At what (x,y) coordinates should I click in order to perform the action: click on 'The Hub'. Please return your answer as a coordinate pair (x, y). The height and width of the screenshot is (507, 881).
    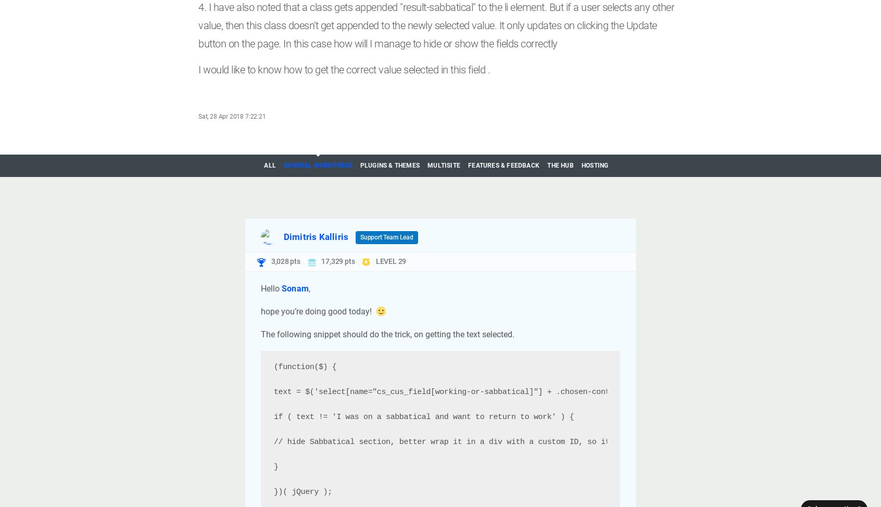
    Looking at the image, I should click on (560, 164).